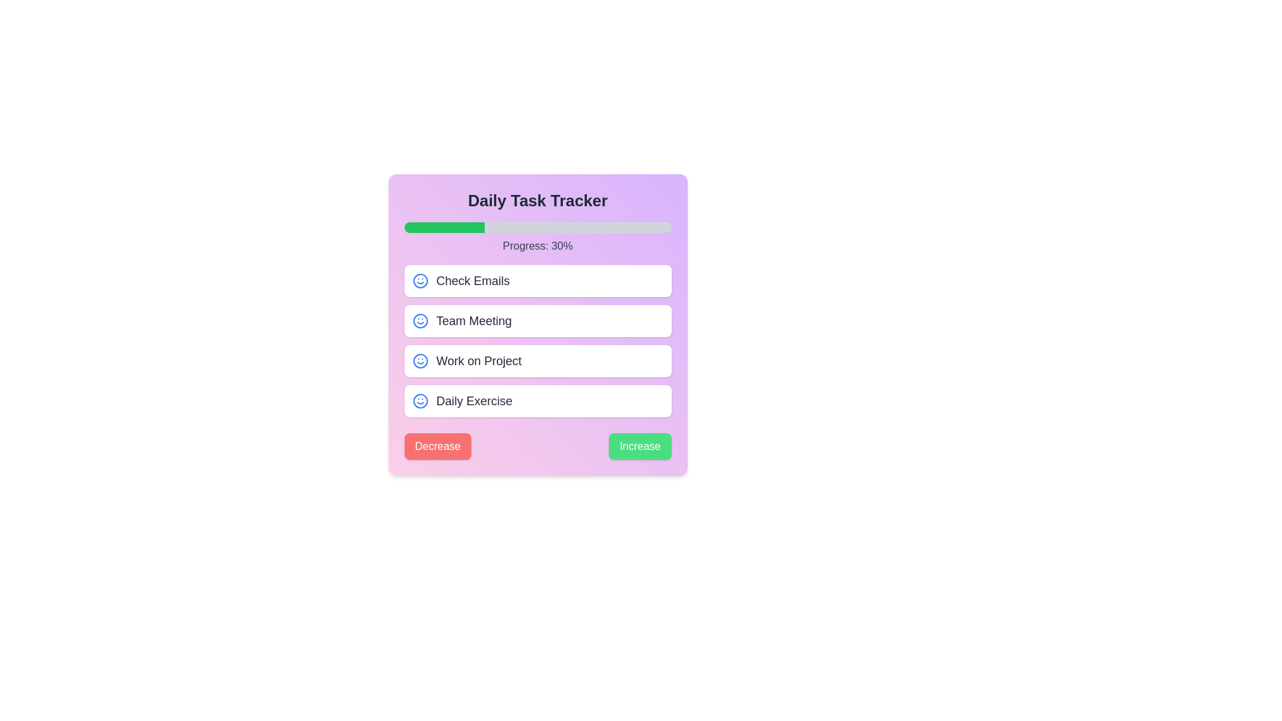  I want to click on the 'Daily Exercise' task card, which is the fourth card in a vertical list of tasks, located below the 'Work on Project' card, so click(538, 401).